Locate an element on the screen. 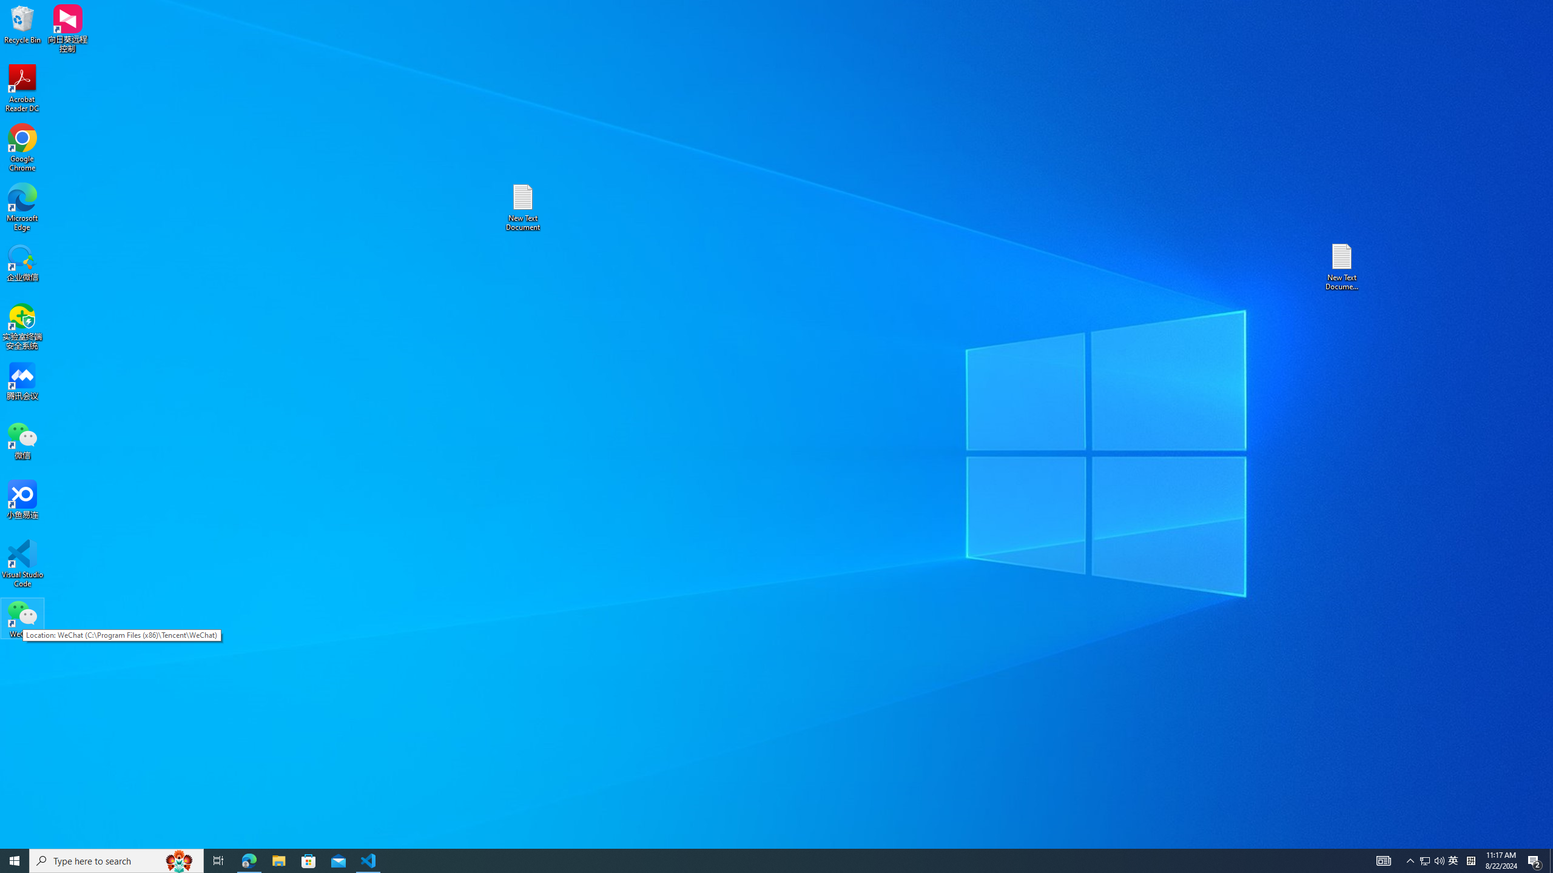 This screenshot has width=1553, height=873. 'WeChat' is located at coordinates (22, 618).